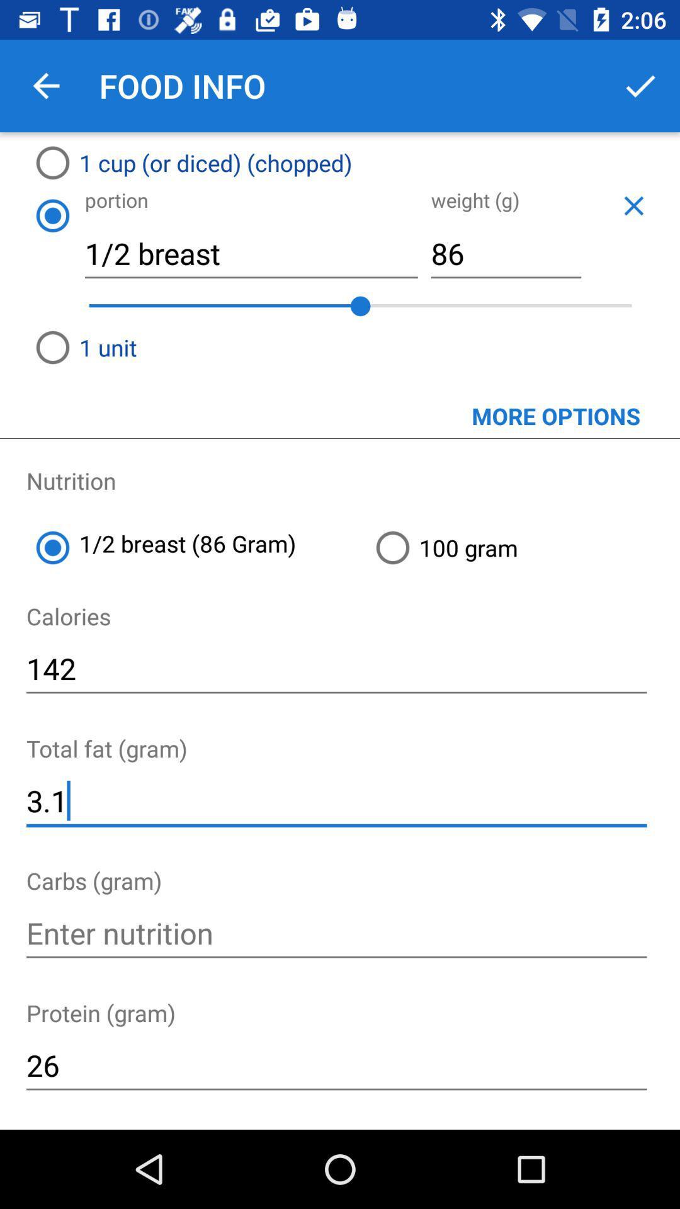  I want to click on app next to food info item, so click(45, 85).